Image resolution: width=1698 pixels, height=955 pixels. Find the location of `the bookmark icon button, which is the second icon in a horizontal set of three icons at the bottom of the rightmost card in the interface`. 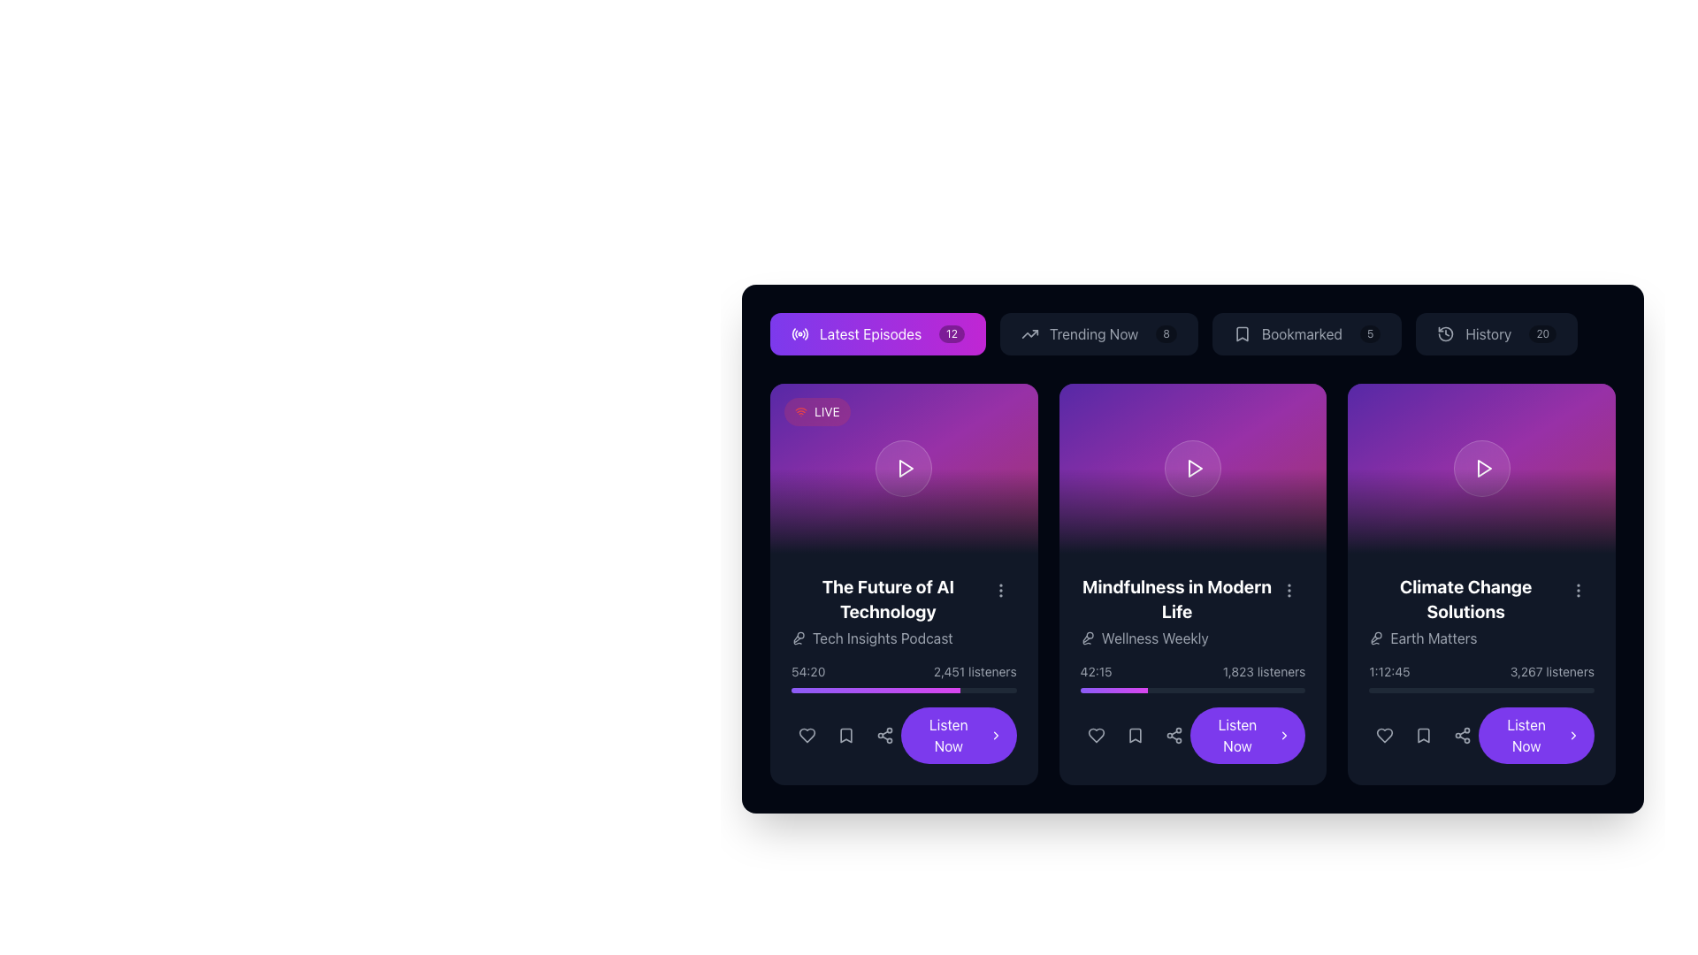

the bookmark icon button, which is the second icon in a horizontal set of three icons at the bottom of the rightmost card in the interface is located at coordinates (1424, 736).